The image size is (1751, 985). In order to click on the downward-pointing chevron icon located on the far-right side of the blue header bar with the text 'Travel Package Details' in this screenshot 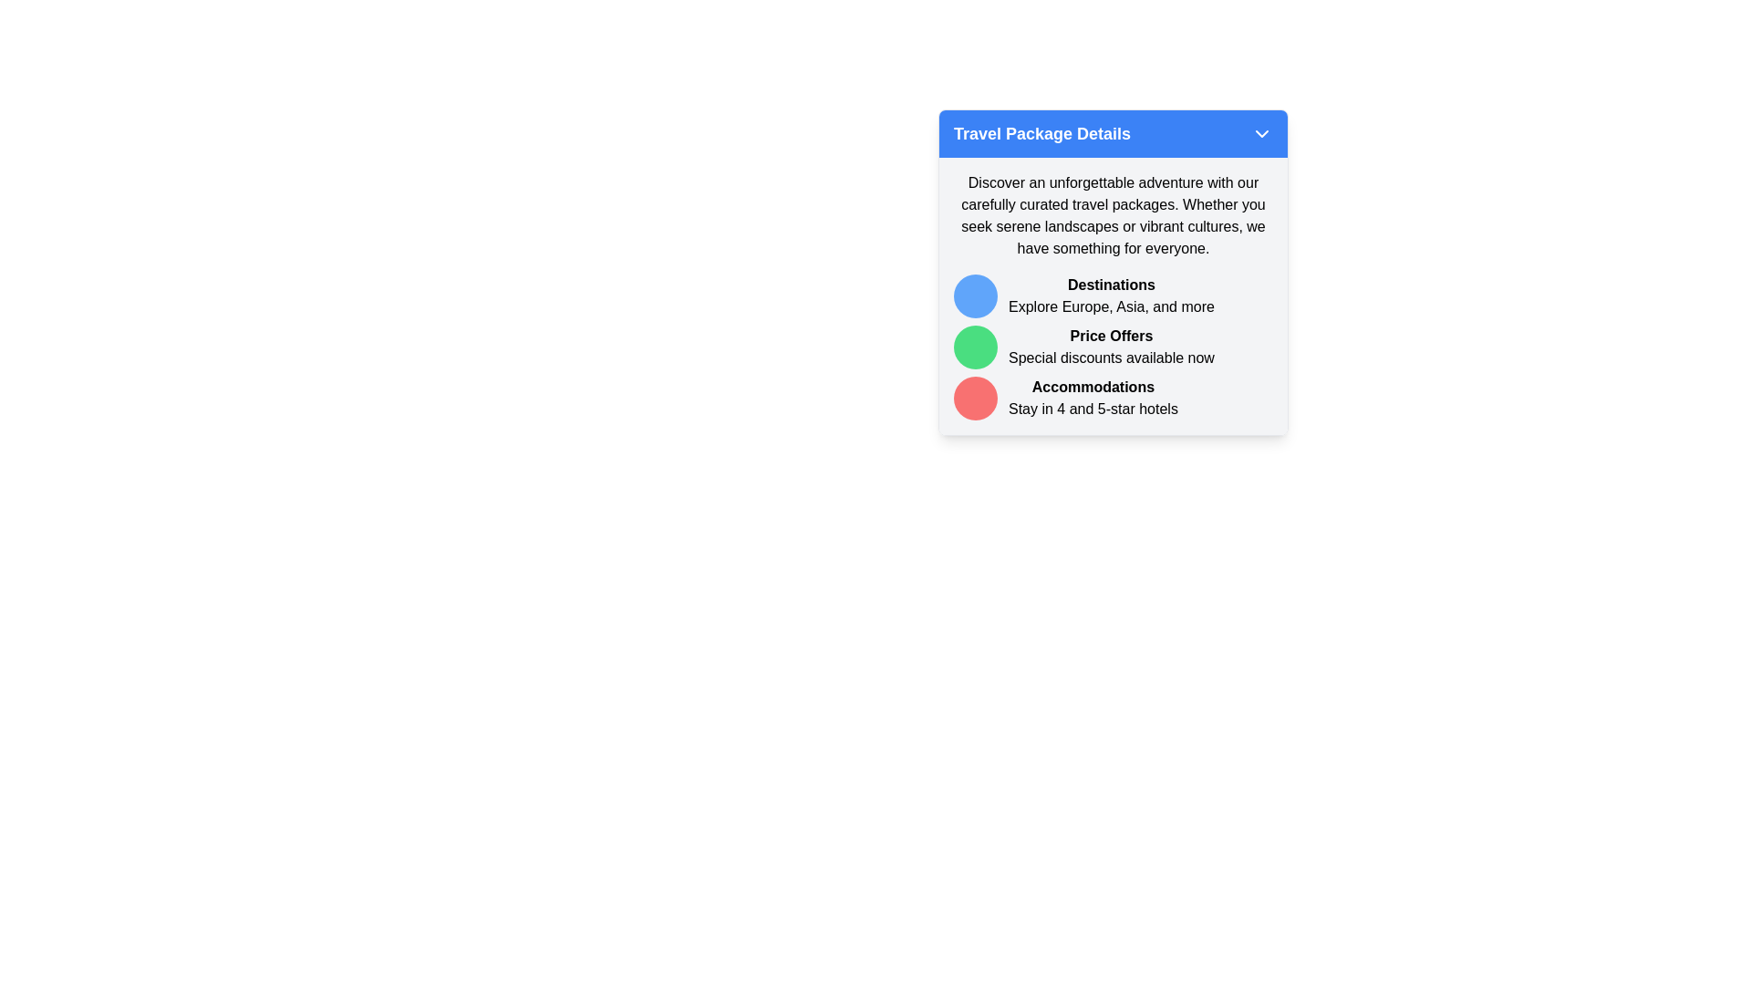, I will do `click(1260, 132)`.